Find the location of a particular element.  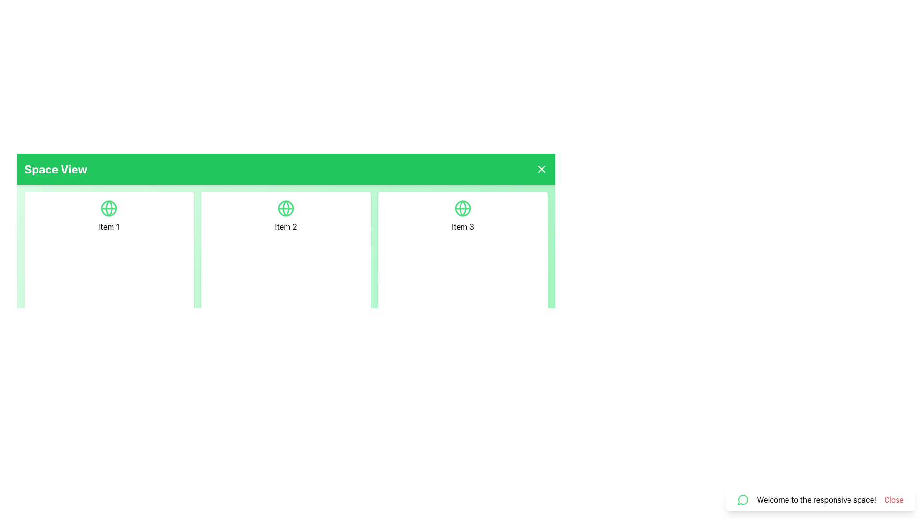

the inner circle of the globe icon located between the icons labeled 'Item 1' and 'Item 3' is located at coordinates (286, 208).